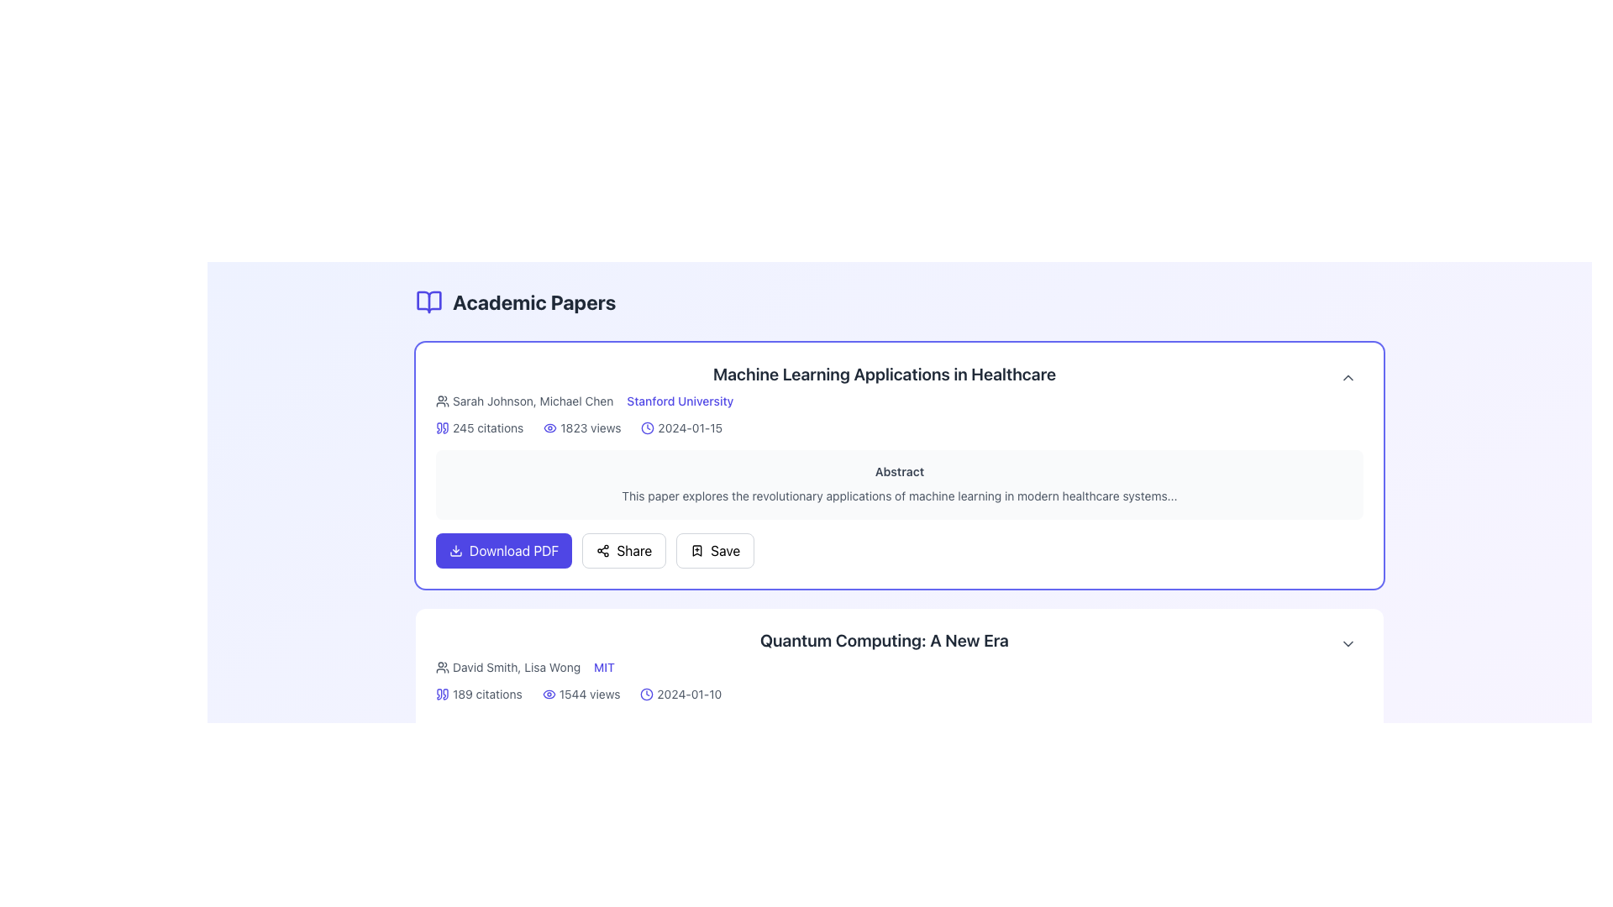  Describe the element at coordinates (523, 401) in the screenshot. I see `authors' names displayed next to the icon in the top section of the card for the paper titled 'Machine Learning Applications in Healthcare'` at that location.